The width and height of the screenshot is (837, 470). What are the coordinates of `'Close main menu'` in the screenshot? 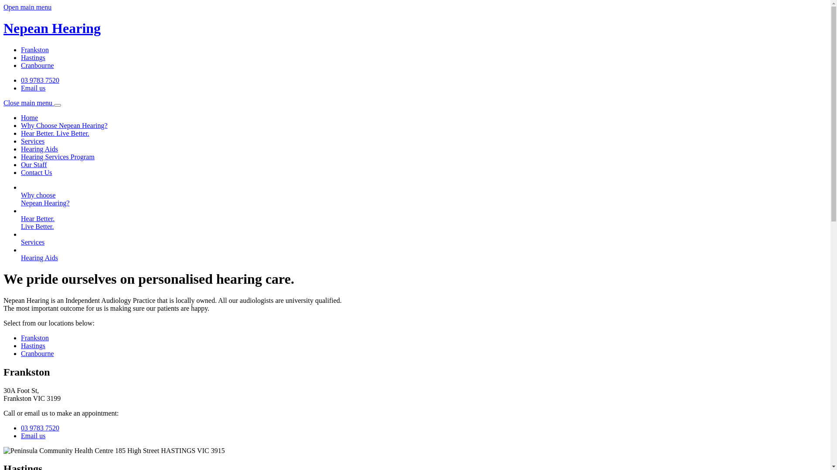 It's located at (32, 102).